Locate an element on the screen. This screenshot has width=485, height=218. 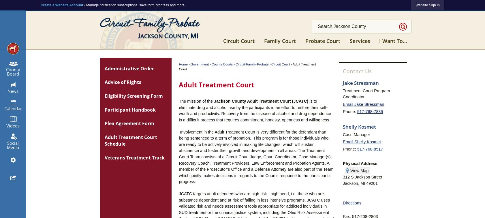
'Jackson' is located at coordinates (350, 183).